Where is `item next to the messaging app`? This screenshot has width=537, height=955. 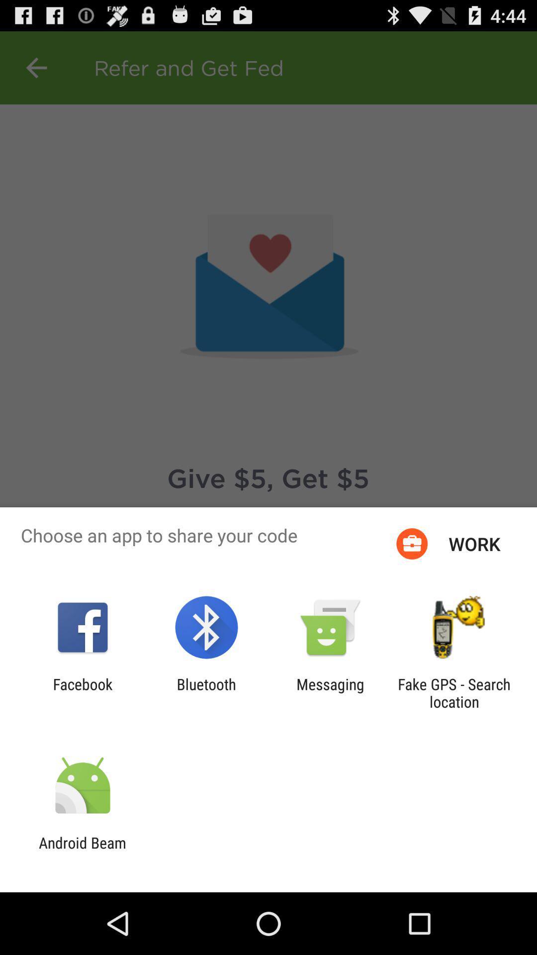 item next to the messaging app is located at coordinates (206, 692).